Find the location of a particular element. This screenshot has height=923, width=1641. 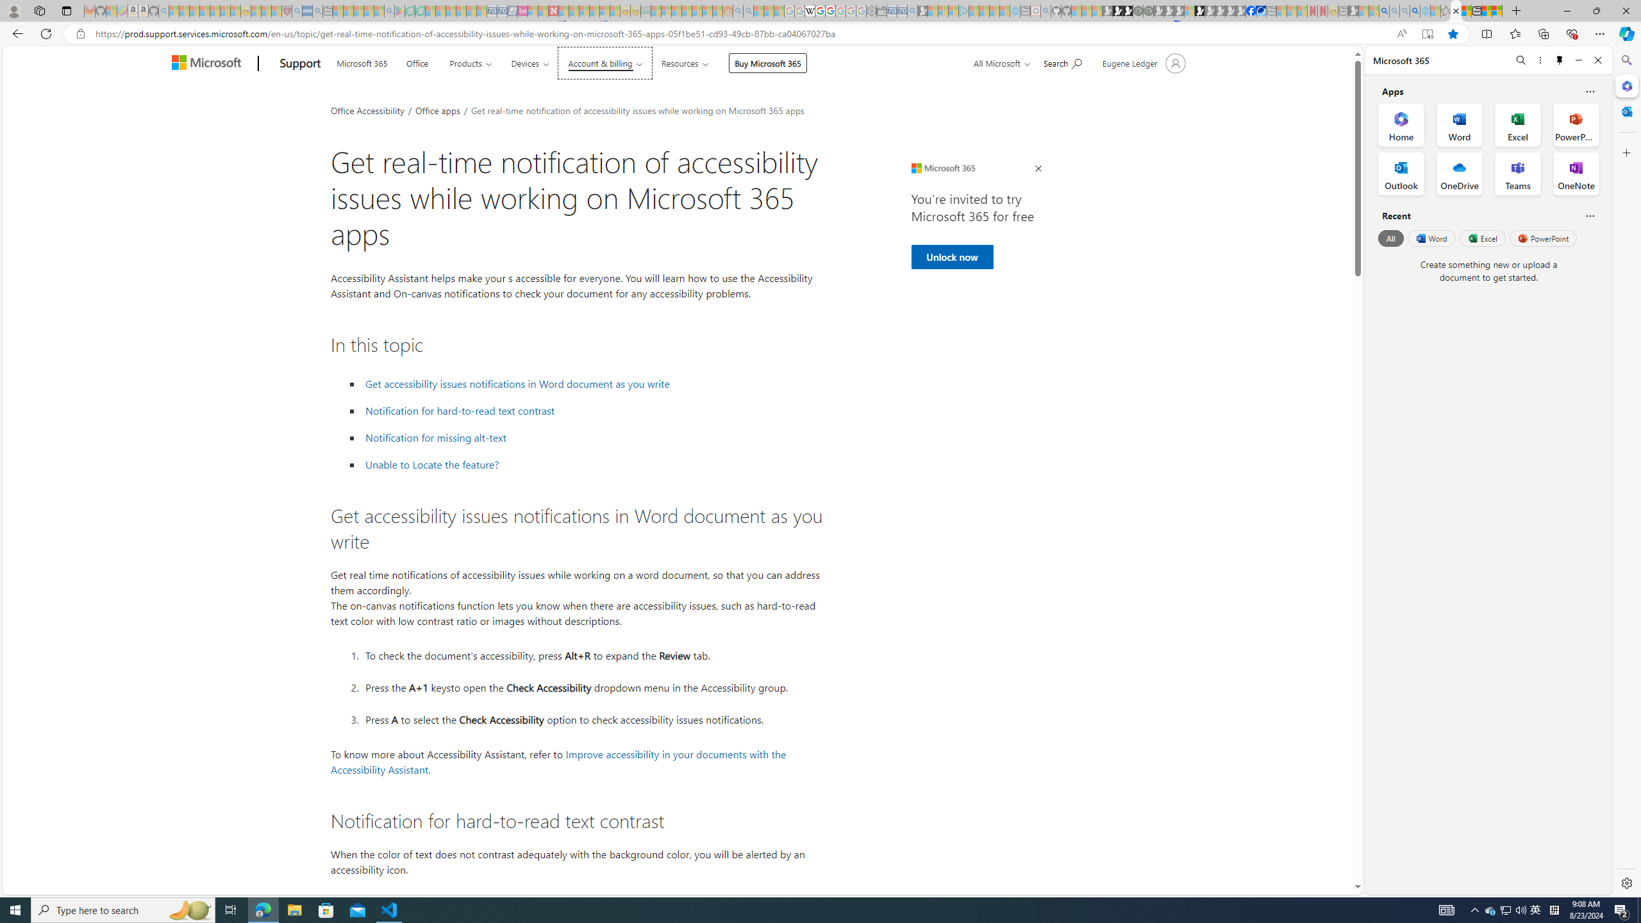

'Bing Real Estate - Home sales and rental listings - Sleeping' is located at coordinates (912, 10).